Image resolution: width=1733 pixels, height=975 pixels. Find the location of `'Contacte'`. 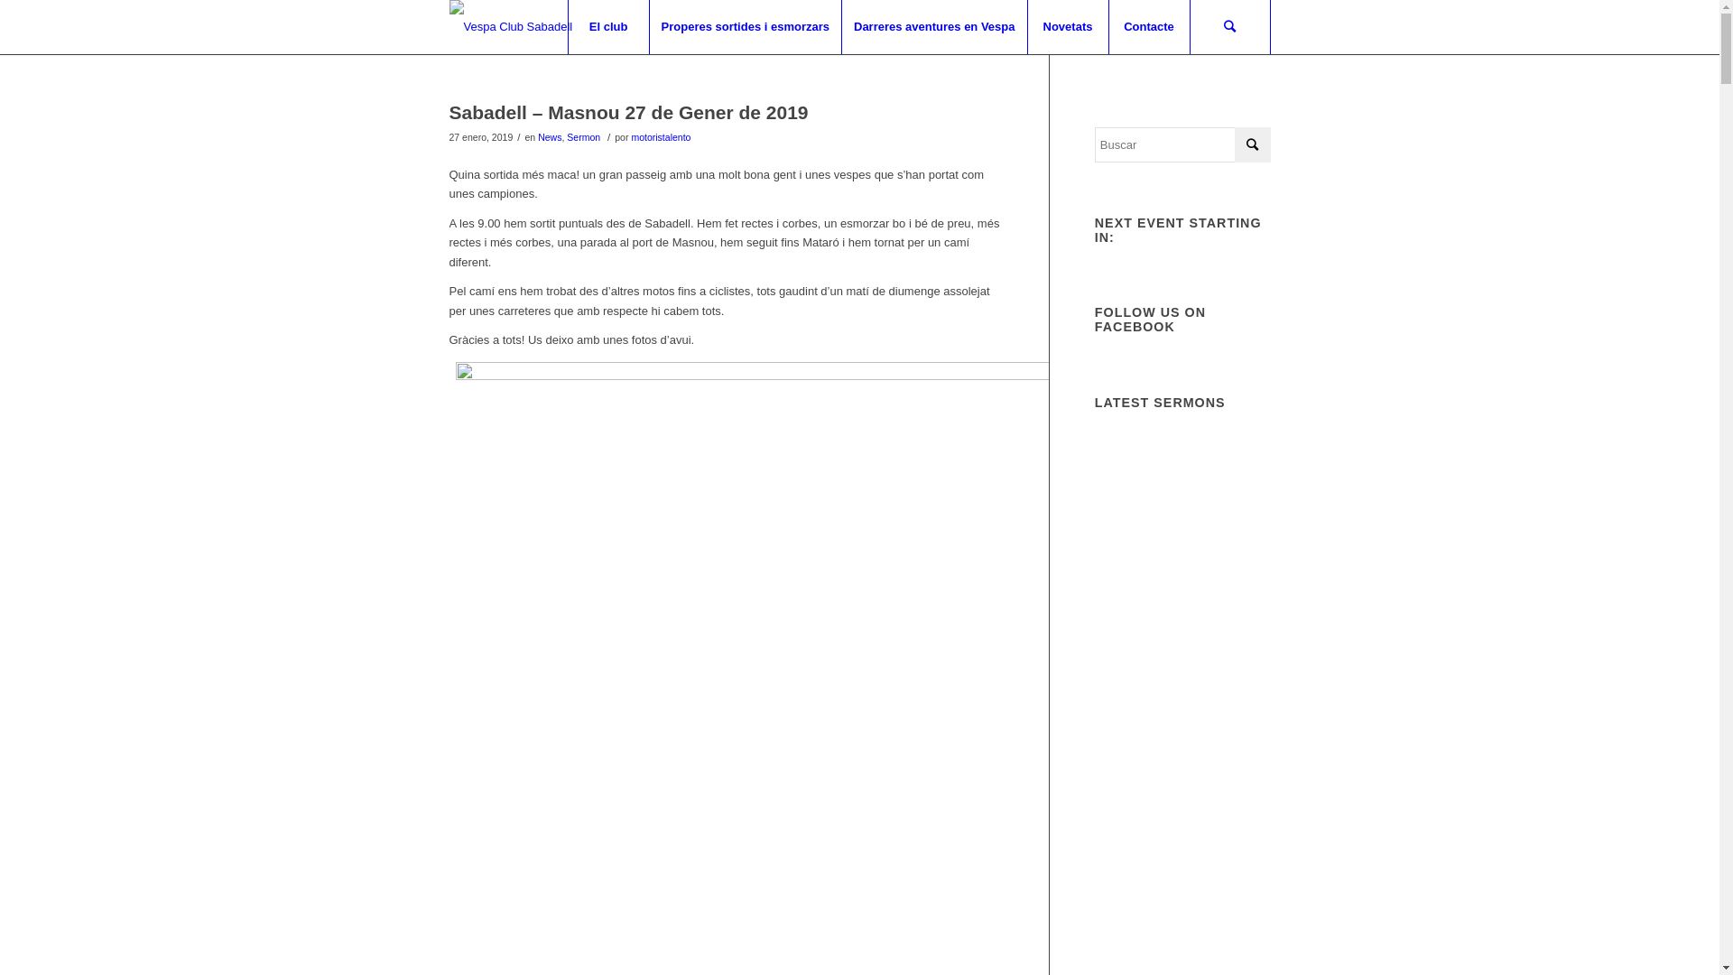

'Contacte' is located at coordinates (1147, 27).